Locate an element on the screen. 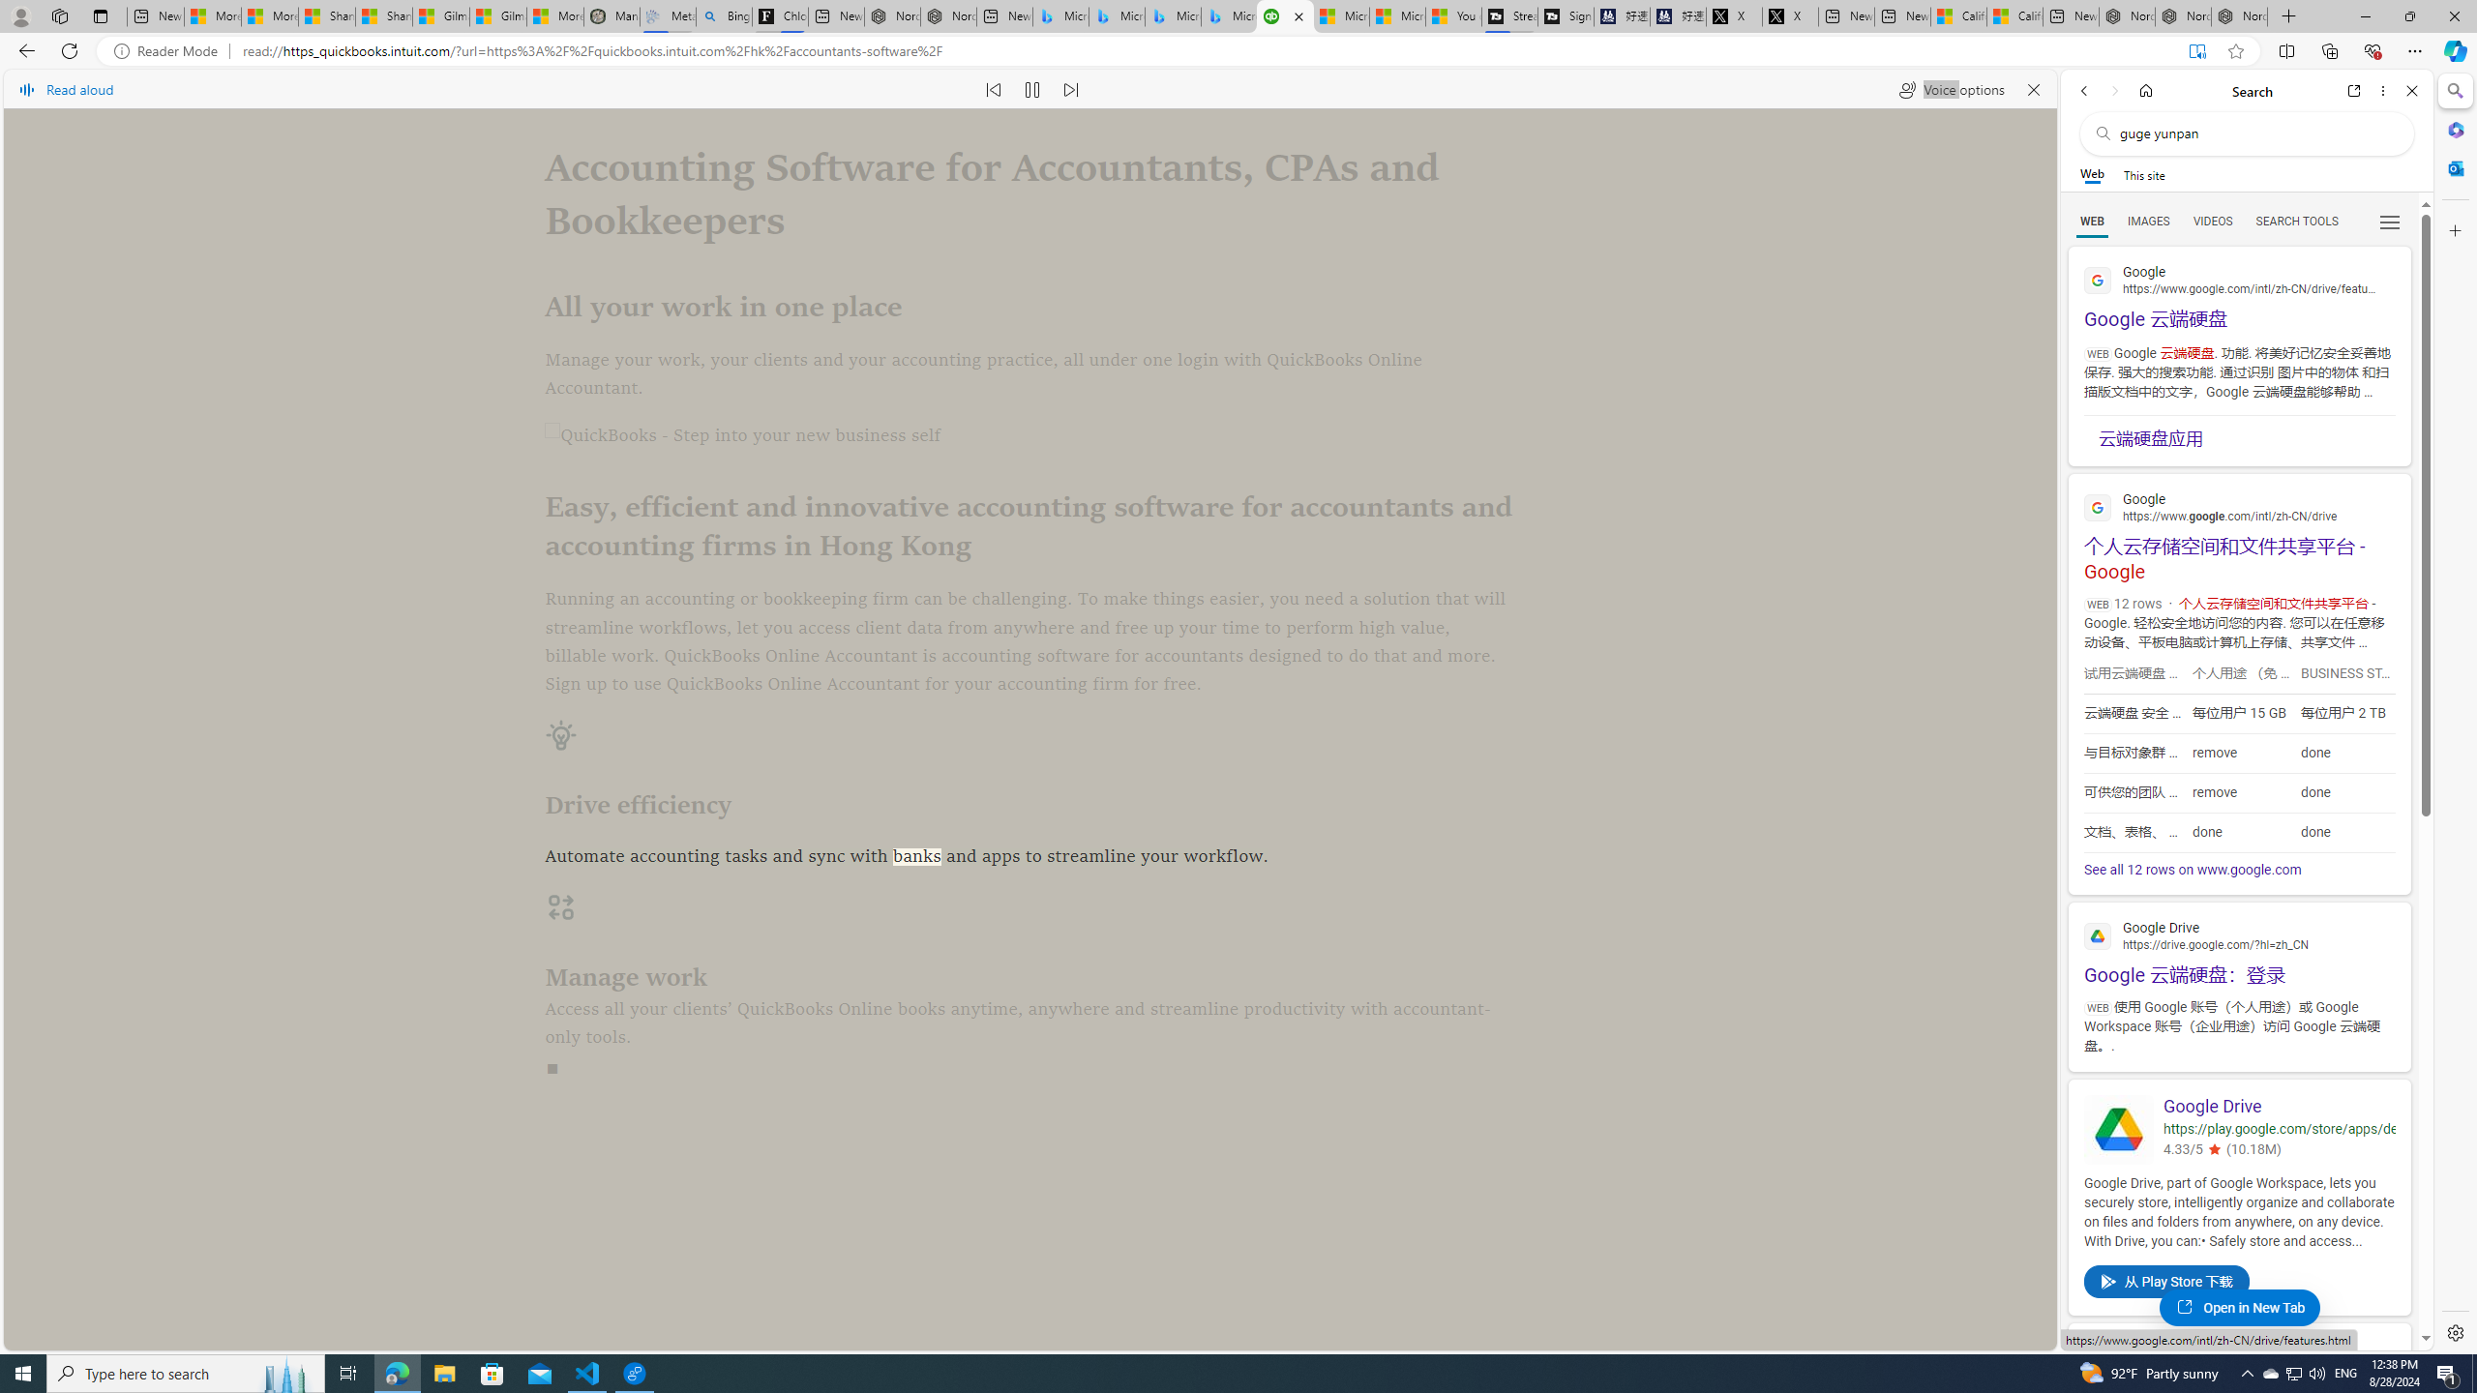 The height and width of the screenshot is (1393, 2477). 'Search Filter, IMAGES' is located at coordinates (2147, 220).